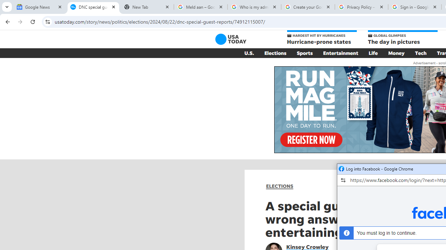  Describe the element at coordinates (254, 7) in the screenshot. I see `'Who is my administrator? - Google Account Help'` at that location.